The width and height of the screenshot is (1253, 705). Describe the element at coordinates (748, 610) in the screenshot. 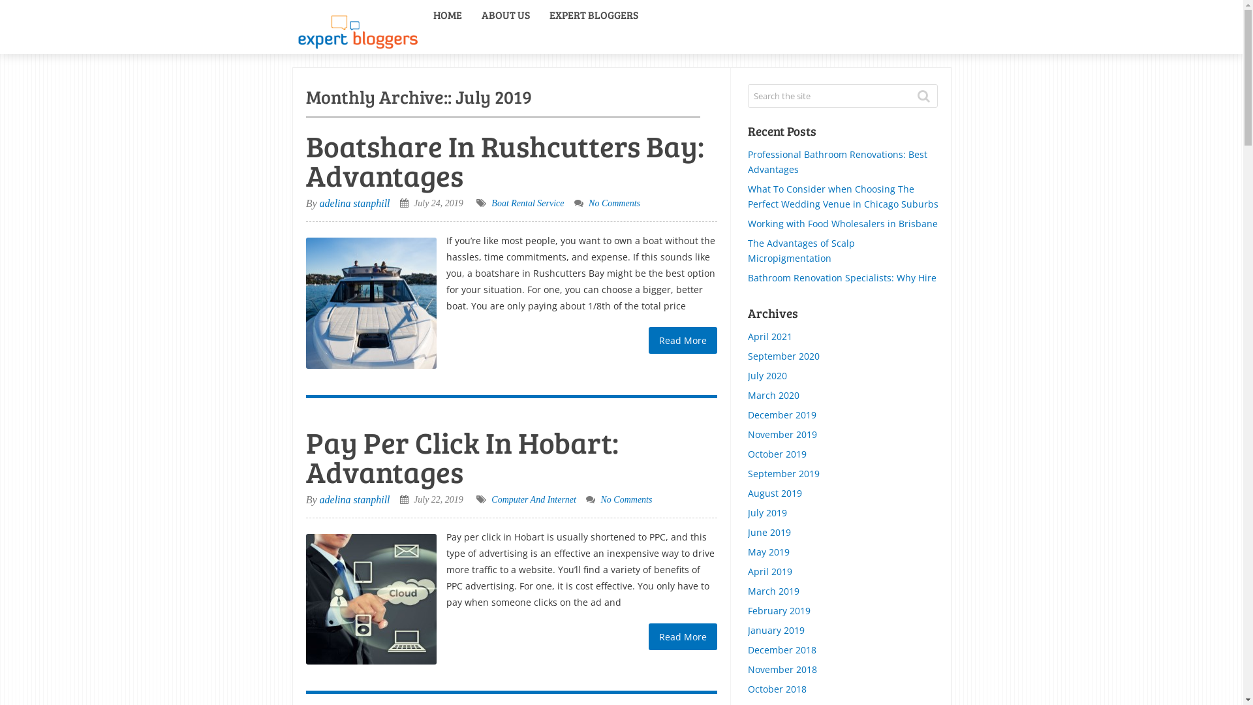

I see `'February 2019'` at that location.